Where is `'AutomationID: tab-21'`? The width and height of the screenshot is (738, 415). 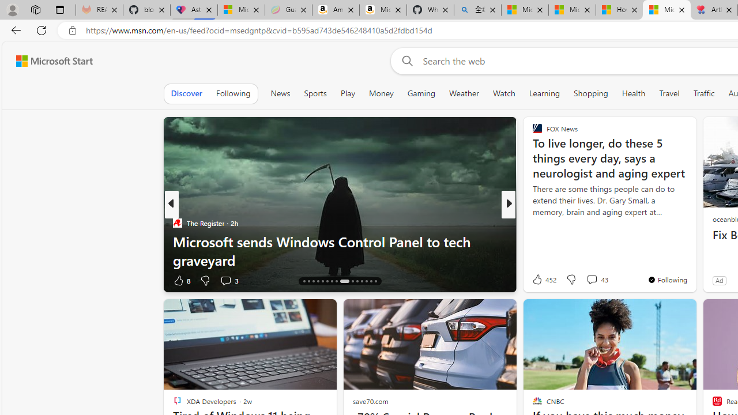 'AutomationID: tab-21' is located at coordinates (326, 281).